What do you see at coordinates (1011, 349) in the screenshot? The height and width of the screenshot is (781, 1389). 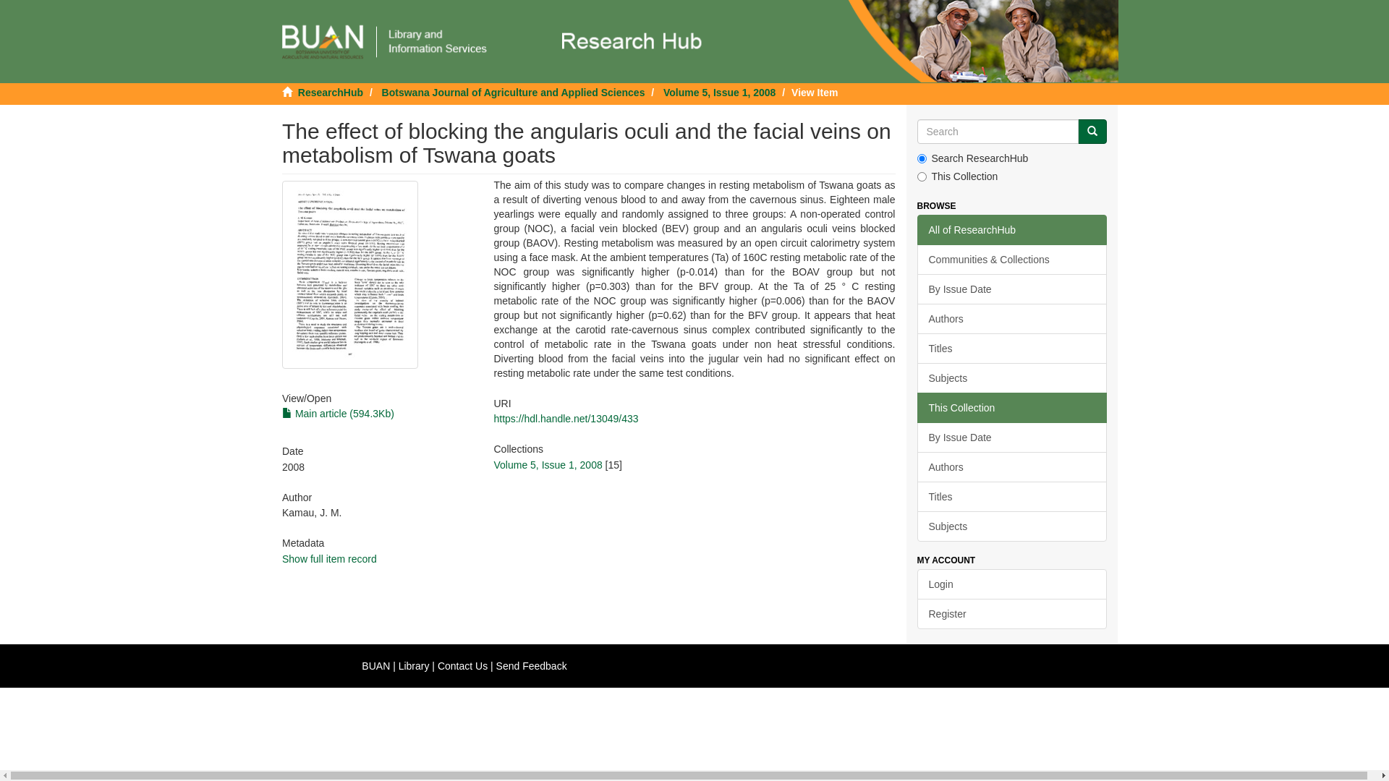 I see `'Titles'` at bounding box center [1011, 349].